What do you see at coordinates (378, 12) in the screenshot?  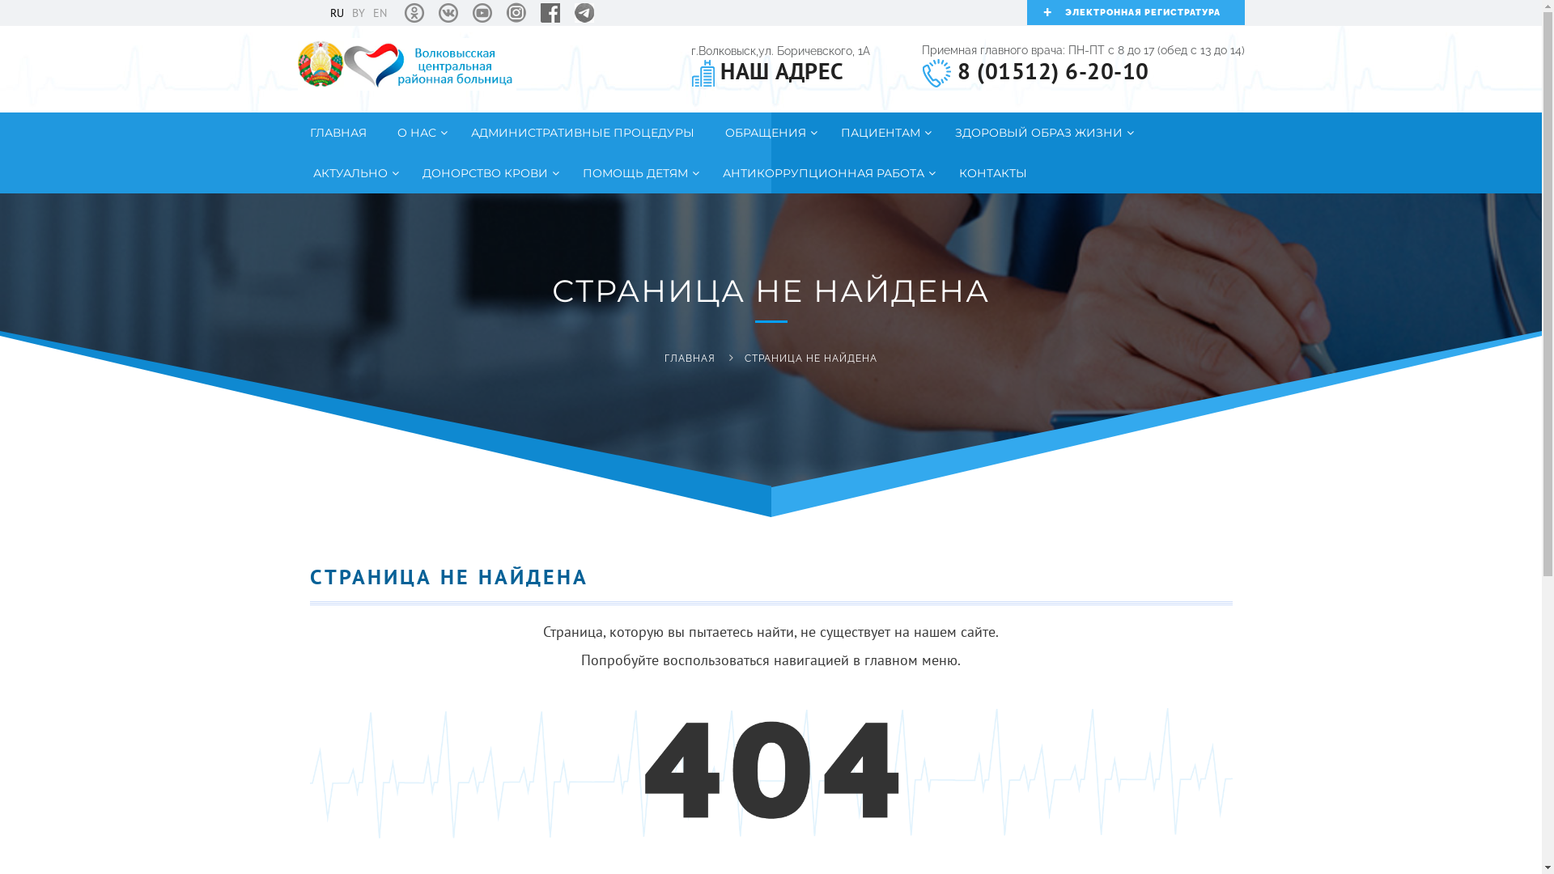 I see `'EN'` at bounding box center [378, 12].